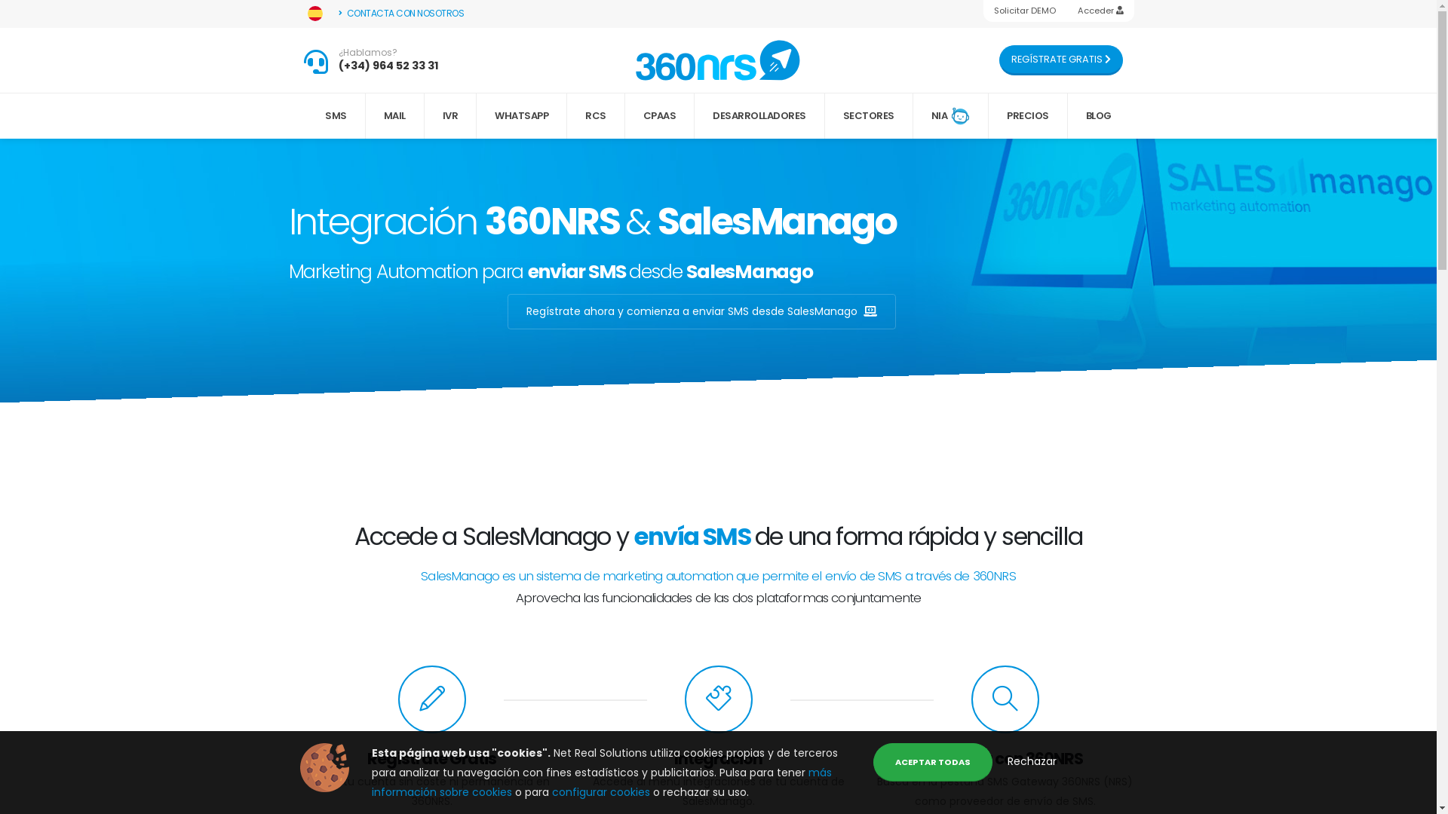  What do you see at coordinates (388, 65) in the screenshot?
I see `'(+34) 964 52 33 31'` at bounding box center [388, 65].